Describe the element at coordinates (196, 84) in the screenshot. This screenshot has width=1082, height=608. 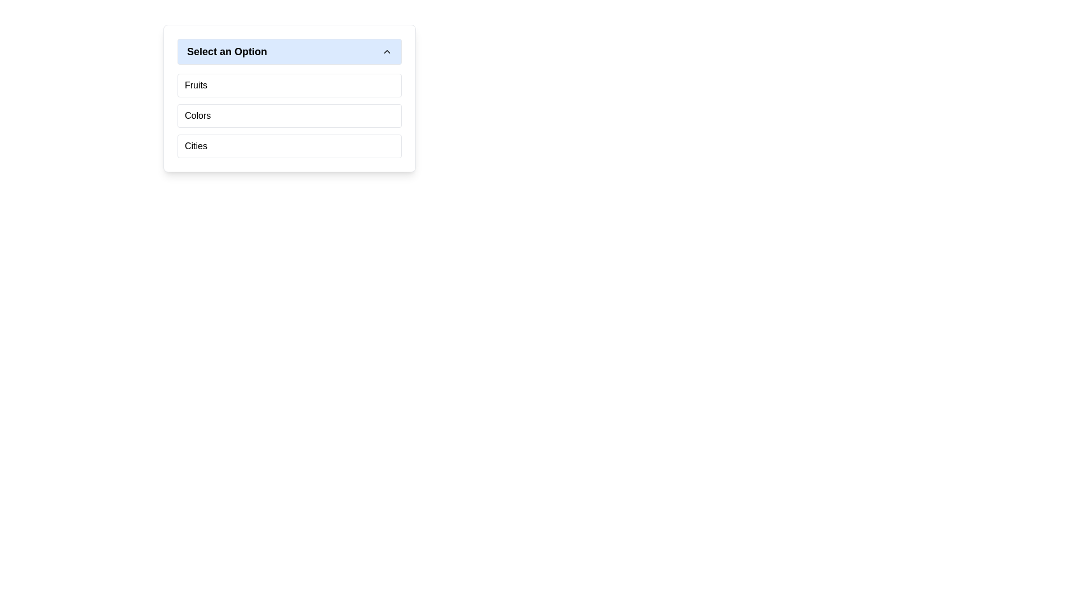
I see `the 'Fruits' option in the dropdown menu labeled 'Select an Option' to activate or choose it` at that location.